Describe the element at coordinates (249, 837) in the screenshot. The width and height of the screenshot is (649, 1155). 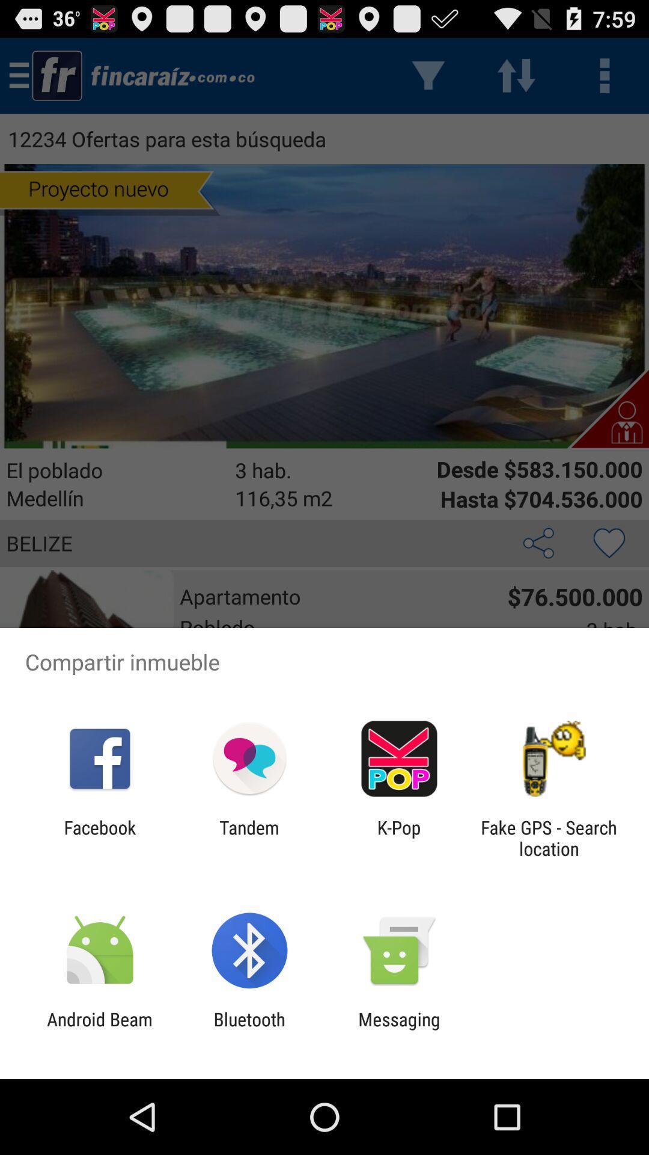
I see `icon next to facebook app` at that location.